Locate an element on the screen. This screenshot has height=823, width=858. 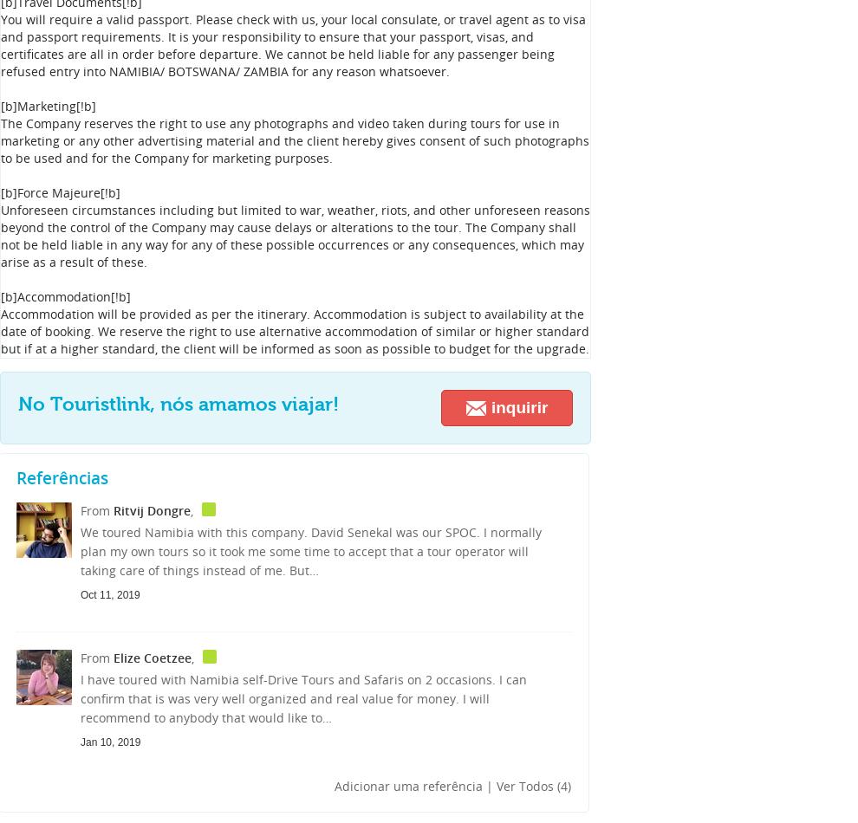
'We toured Namibia with this company. David Senekal was our SPOC. I normally plan my own tours so it took me some time to accept that a tour operator will taking care of things instead of me. But…' is located at coordinates (310, 551).